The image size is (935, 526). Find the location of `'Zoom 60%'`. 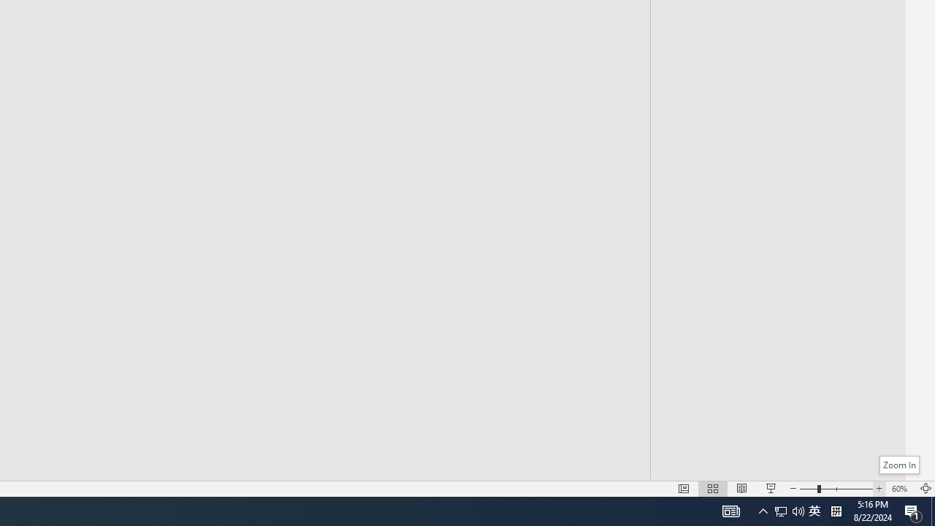

'Zoom 60%' is located at coordinates (901, 489).